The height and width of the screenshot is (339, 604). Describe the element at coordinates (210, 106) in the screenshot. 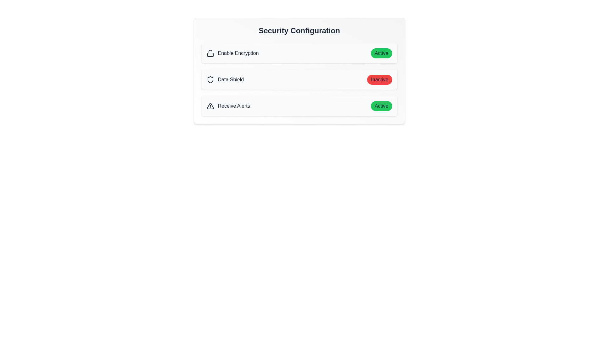

I see `the warning or alert icon located next to the 'Receive Alerts' text, which is the third icon in a horizontal layout, indicating an important message` at that location.